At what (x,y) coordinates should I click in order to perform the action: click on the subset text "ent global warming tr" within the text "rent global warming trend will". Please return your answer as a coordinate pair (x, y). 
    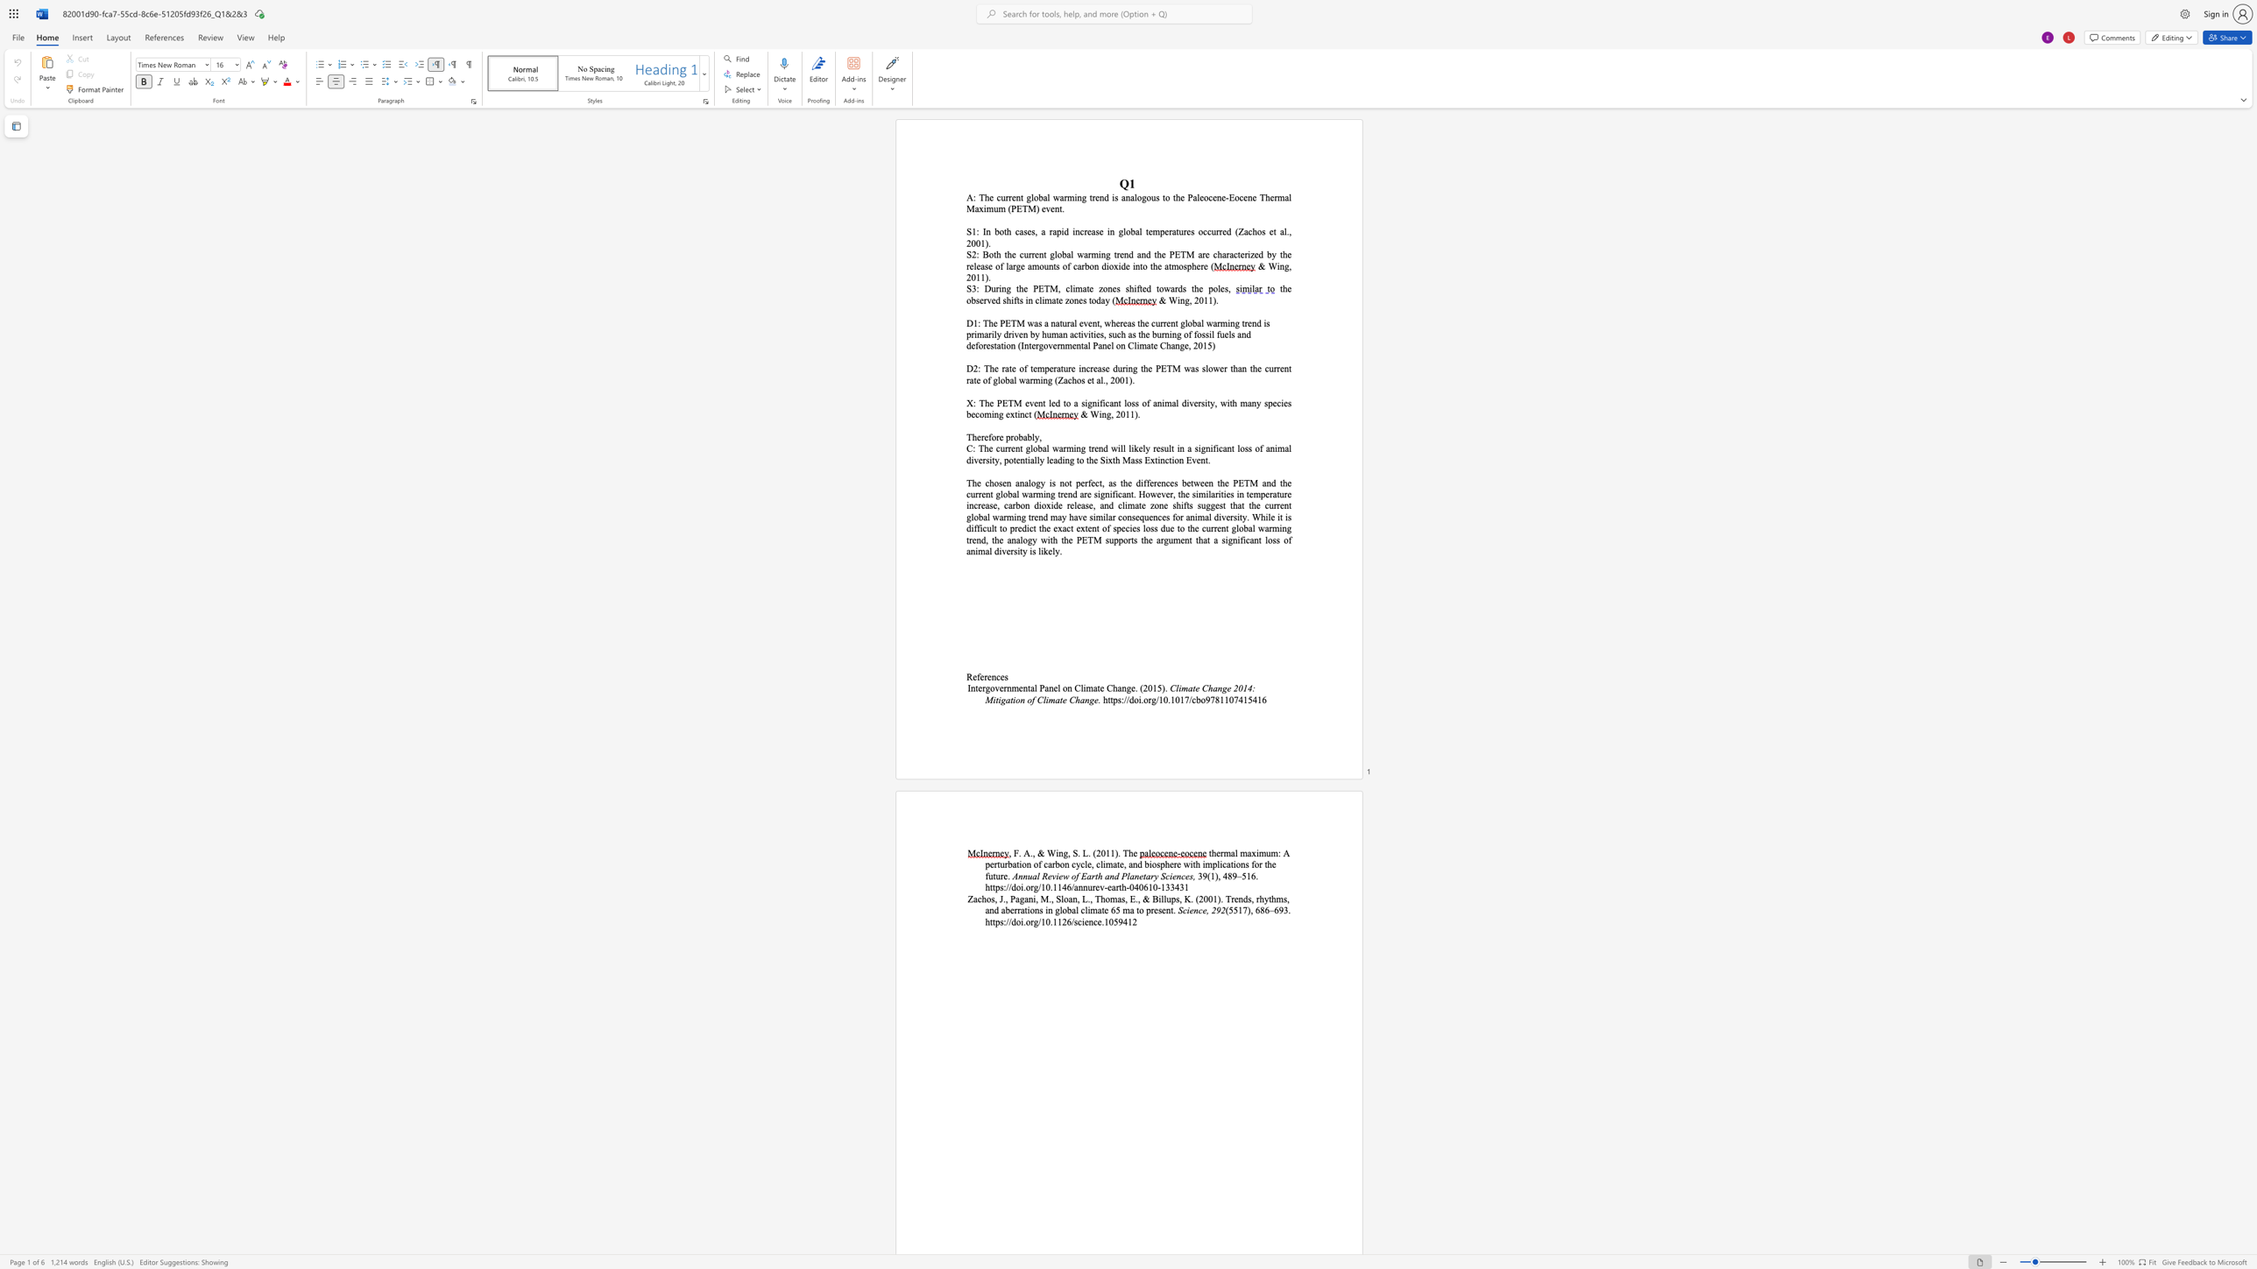
    Looking at the image, I should click on (1010, 448).